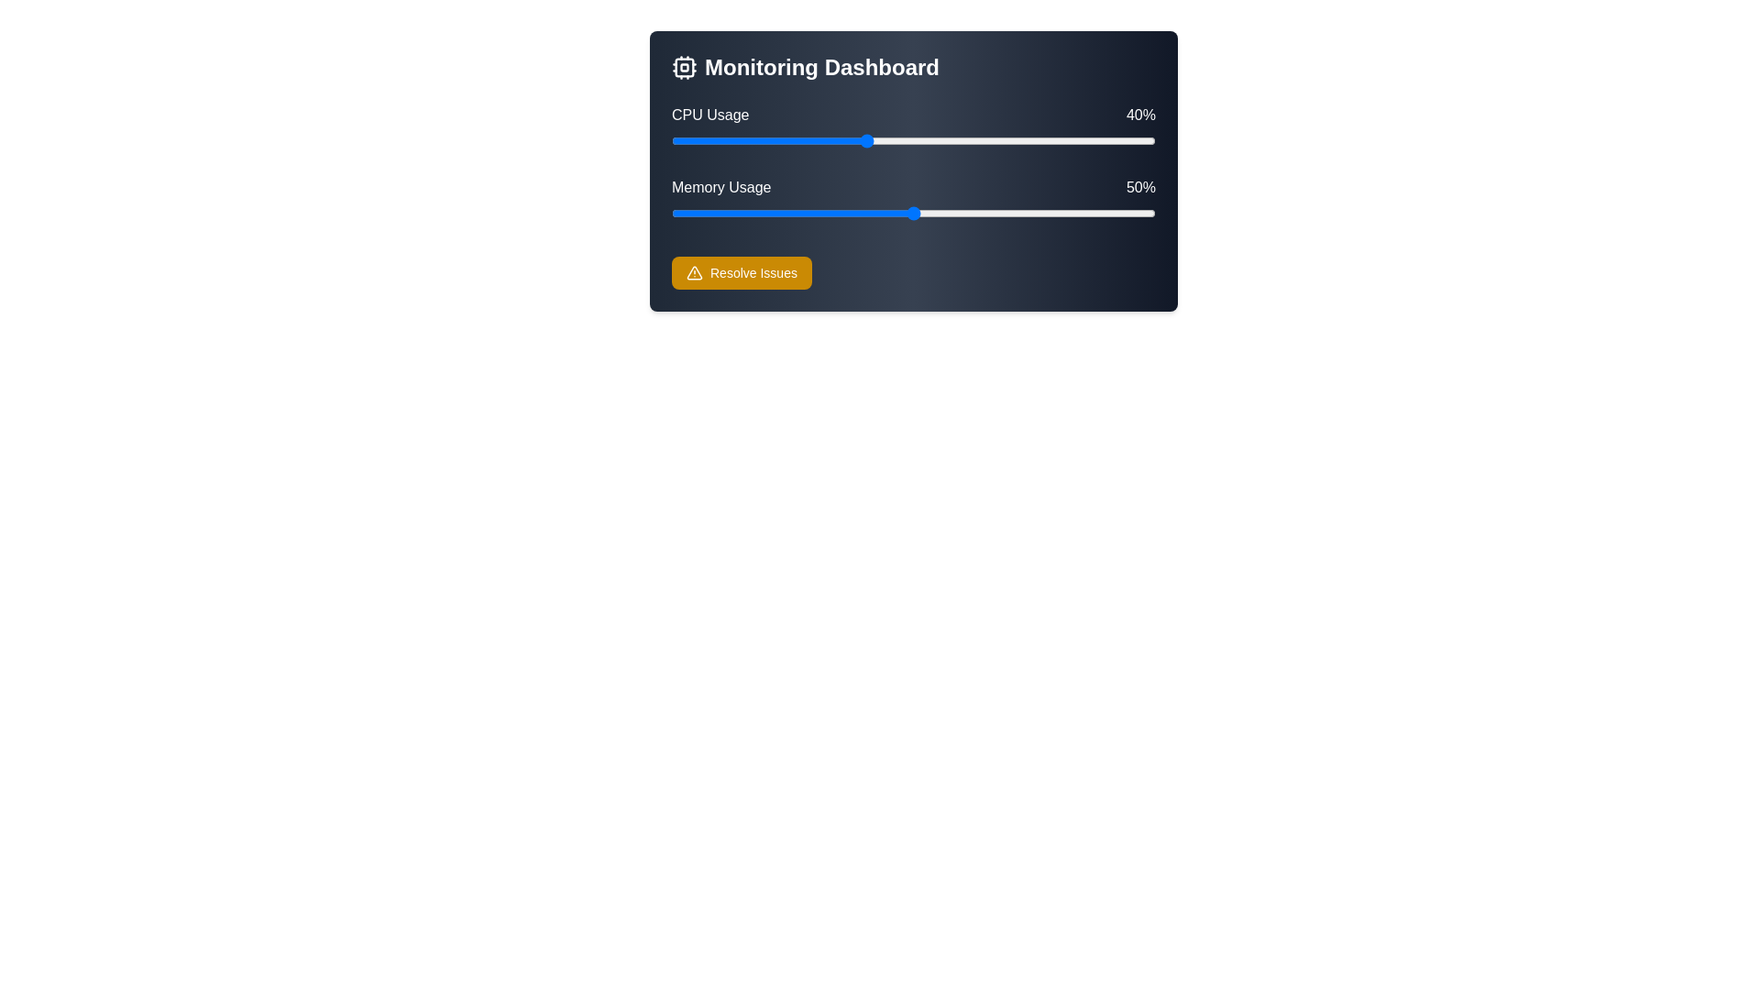  Describe the element at coordinates (709, 115) in the screenshot. I see `the text label displaying 'CPU Usage', which is styled in bold white font on a dark background, located in the top-left section of the dashboard interface` at that location.